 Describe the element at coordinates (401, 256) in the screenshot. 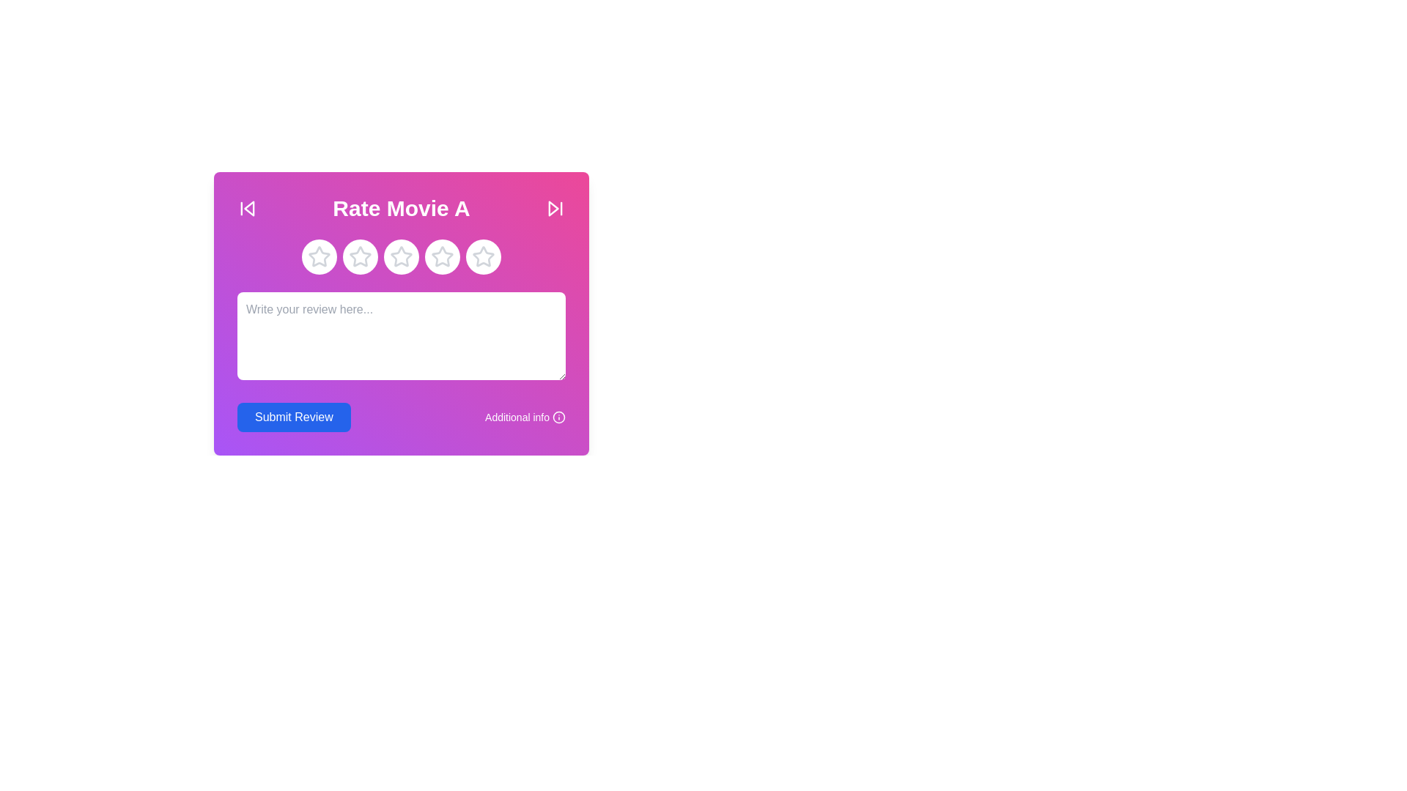

I see `the third rating button, which is a circular button with a gray star icon, located within the pink to purple gradient card titled 'Rate Movie A'` at that location.